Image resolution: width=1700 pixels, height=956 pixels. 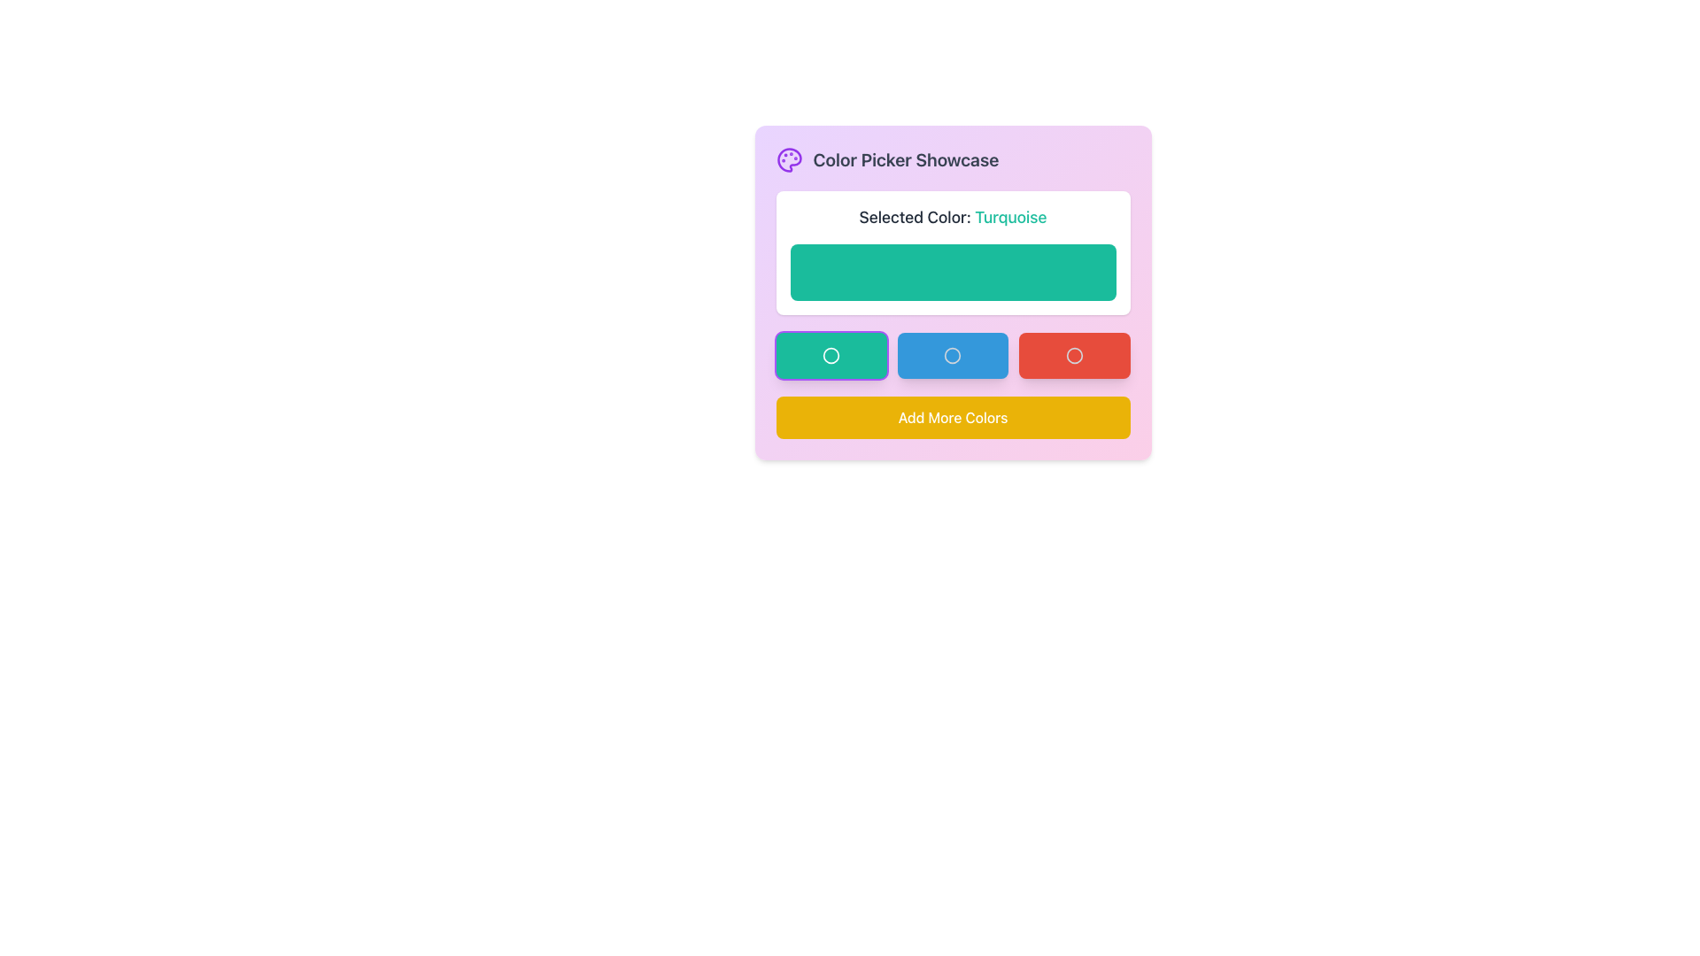 What do you see at coordinates (952, 313) in the screenshot?
I see `the Informational display panel that shows the currently selected color, located below the 'Color Picker Showcase' header and above the color selection grid` at bounding box center [952, 313].